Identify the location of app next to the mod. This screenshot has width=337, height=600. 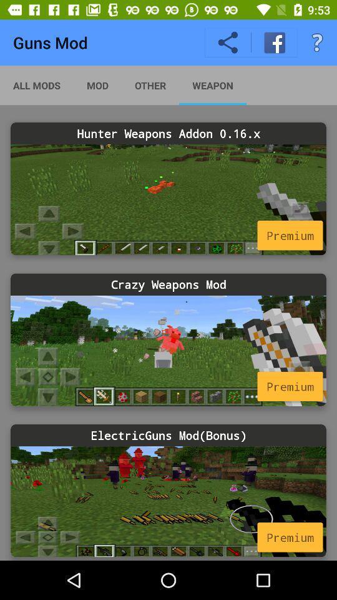
(37, 84).